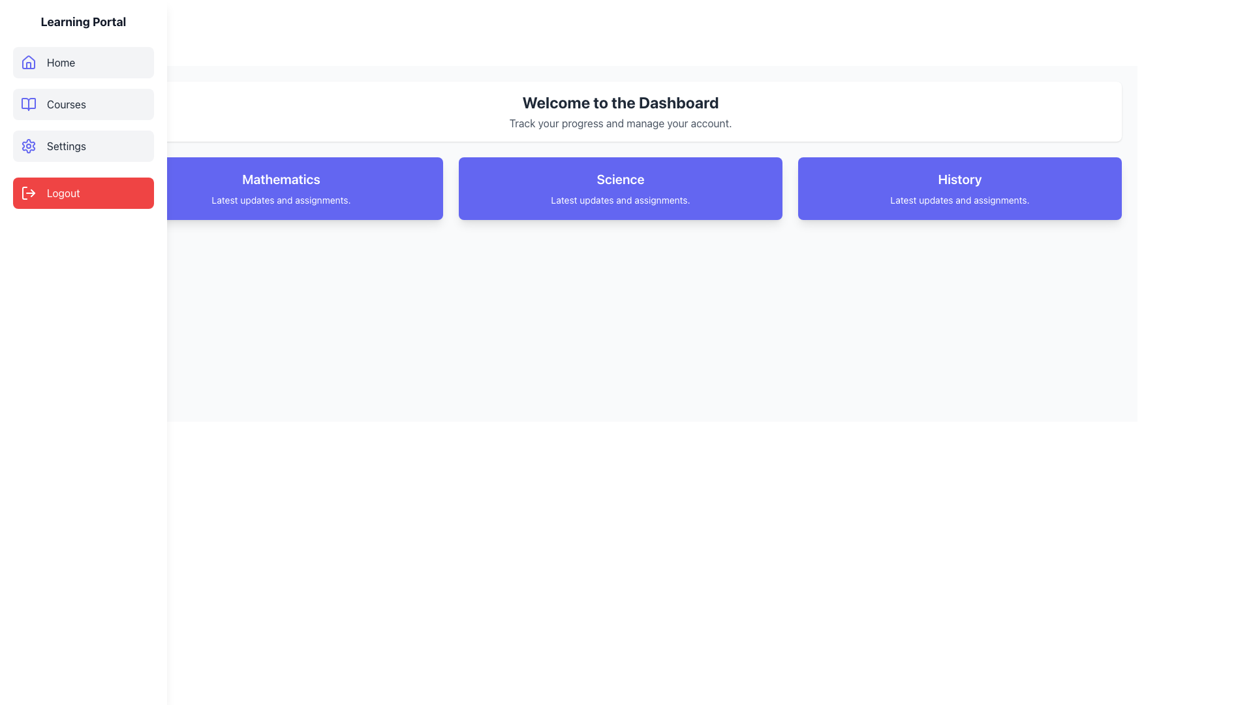 The height and width of the screenshot is (705, 1253). Describe the element at coordinates (83, 103) in the screenshot. I see `the second button in the sidebar menu, located below 'Home' and above 'Settings'` at that location.